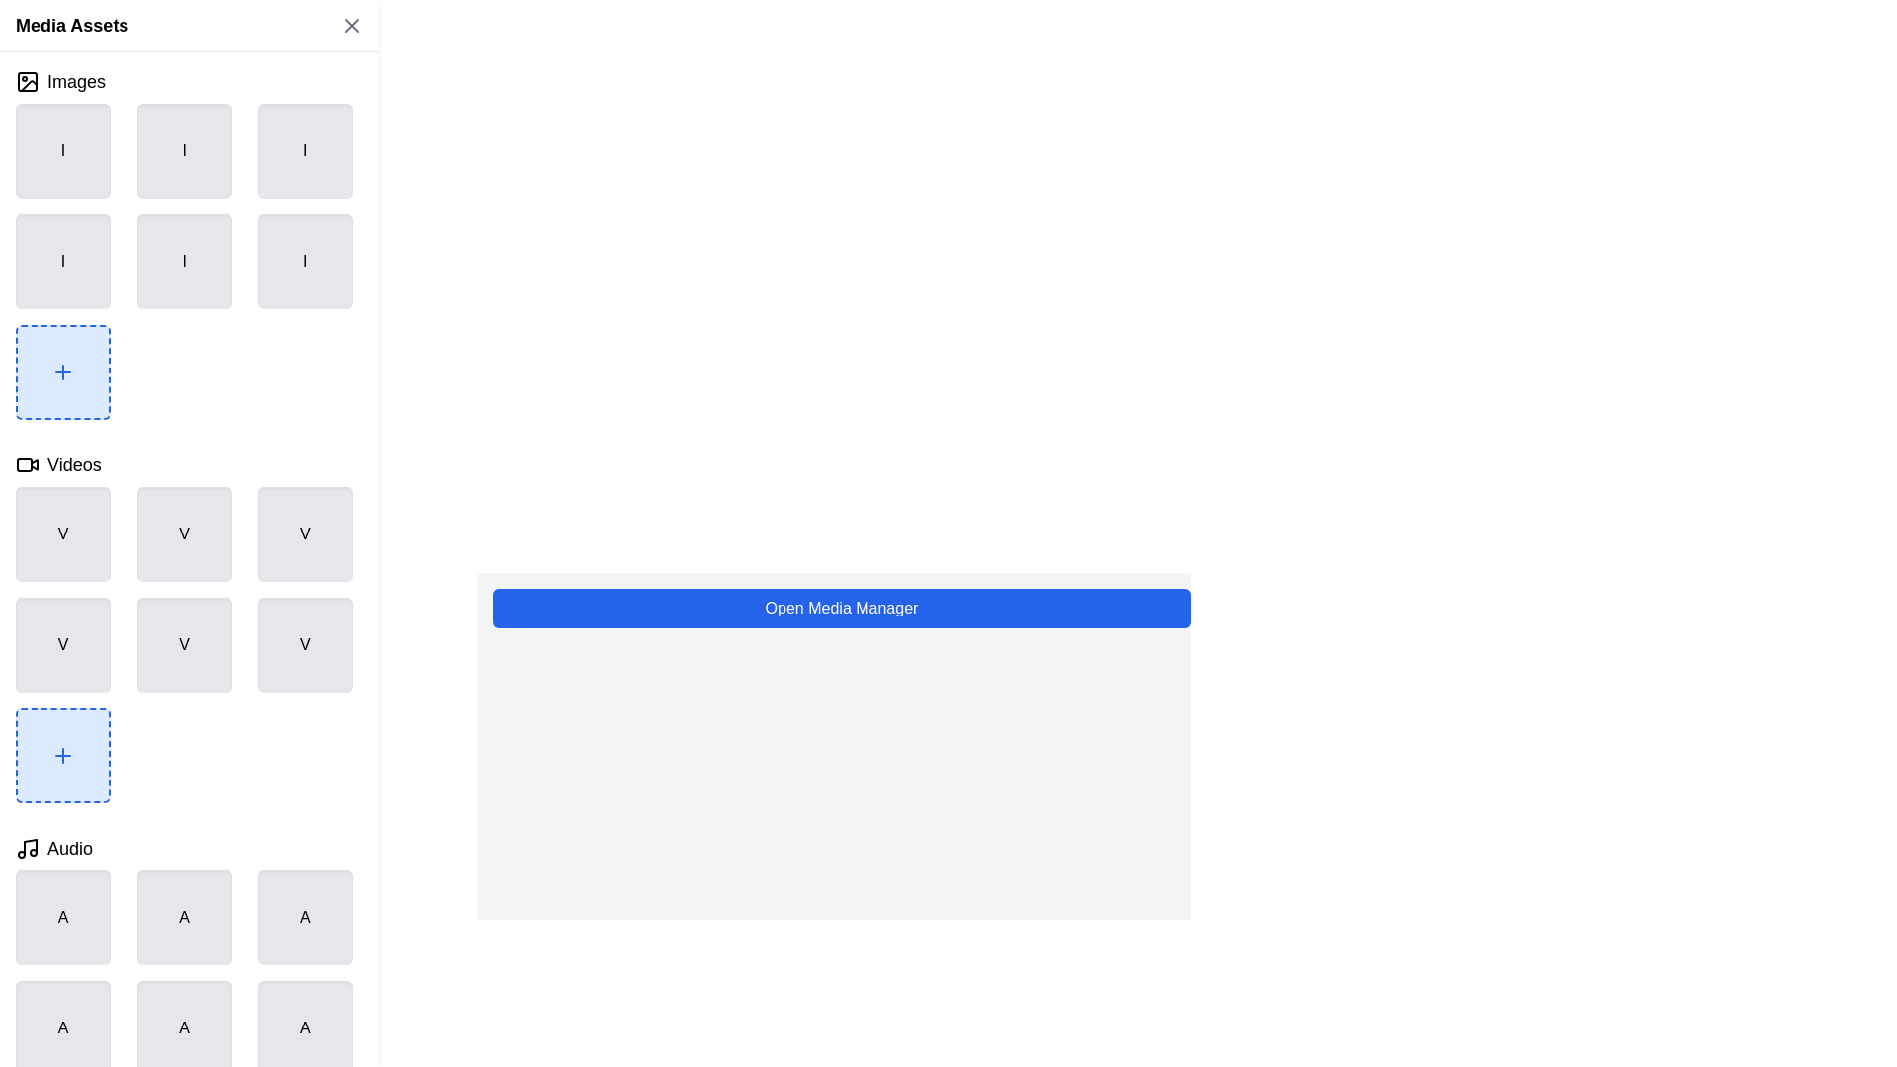  I want to click on the gray 'X' icon button located at the top-right corner of the 'Media Assets' section, so click(351, 26).